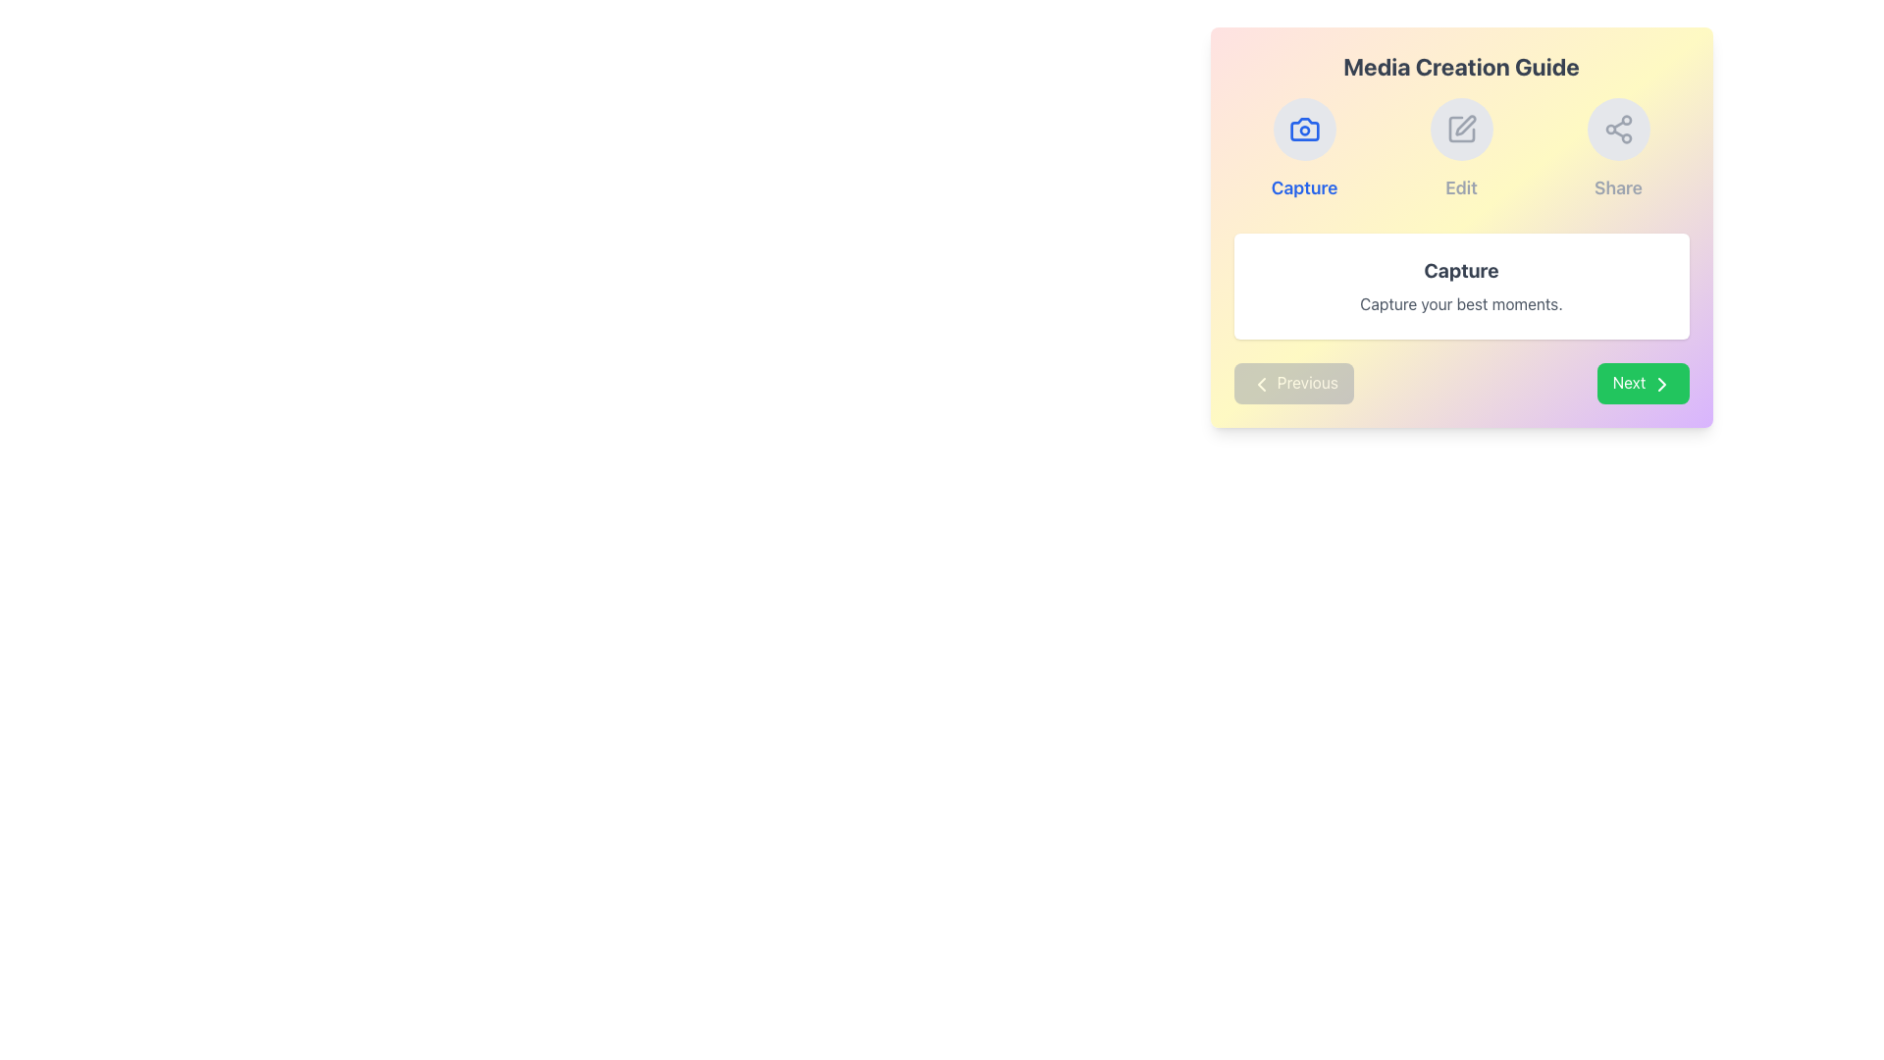 The image size is (1884, 1060). I want to click on the camera icon located in the top left section of the 'Media Creation Guide' card, above the 'Capture' label, so click(1304, 129).